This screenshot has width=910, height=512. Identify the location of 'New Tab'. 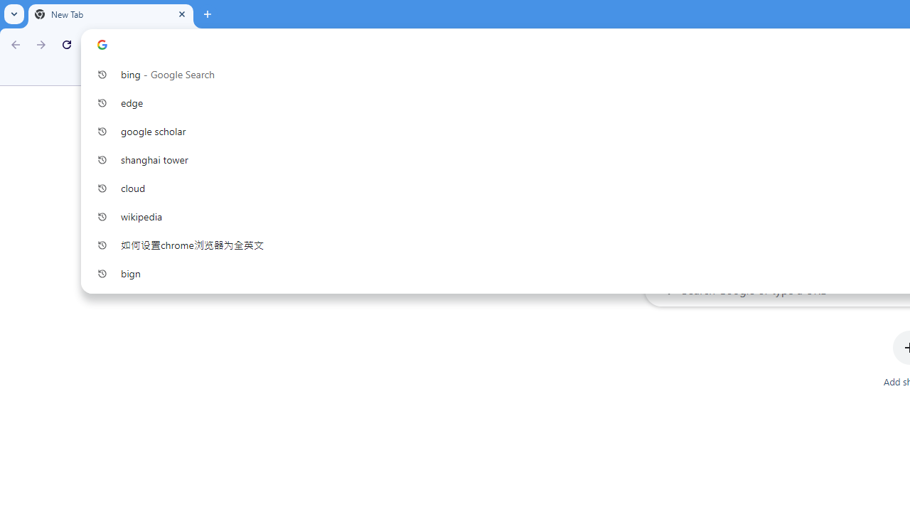
(110, 14).